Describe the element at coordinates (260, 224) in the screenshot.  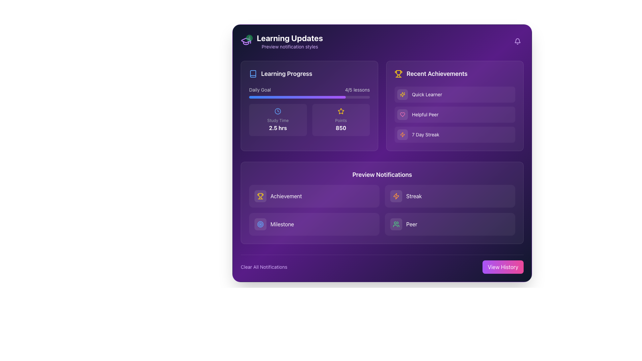
I see `the outer circular graphical component of the target icon, which has a radius of 10 units and is located below the 'Preview Notifications' section` at that location.